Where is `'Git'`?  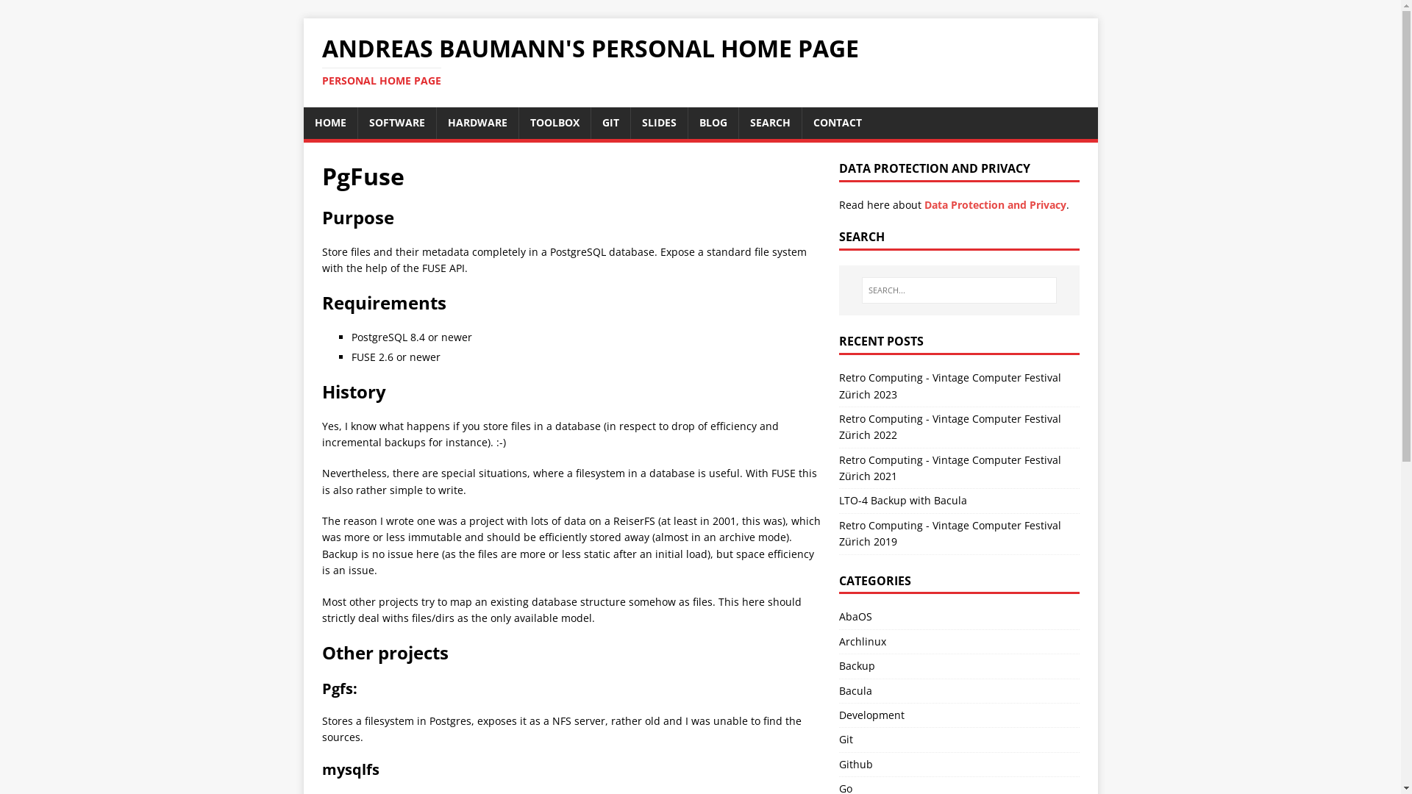 'Git' is located at coordinates (839, 739).